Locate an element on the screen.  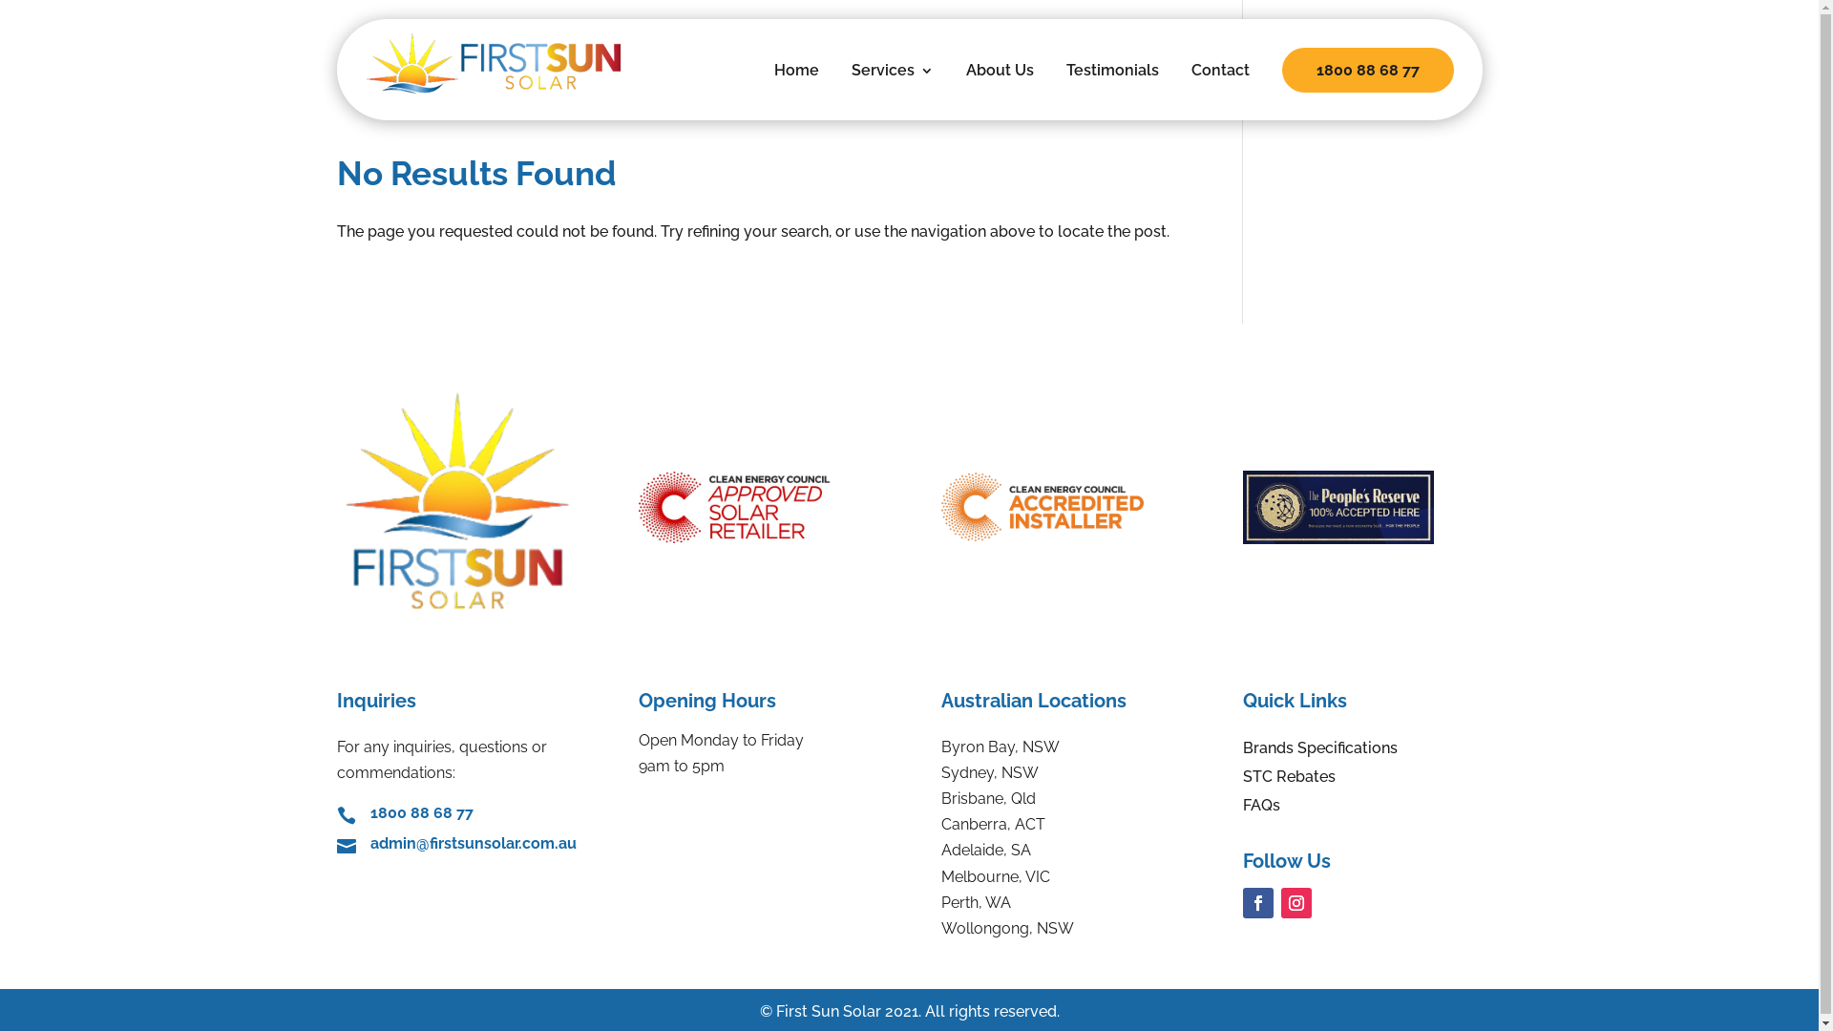
'admin@firstsunsolar.com.au' is located at coordinates (473, 842).